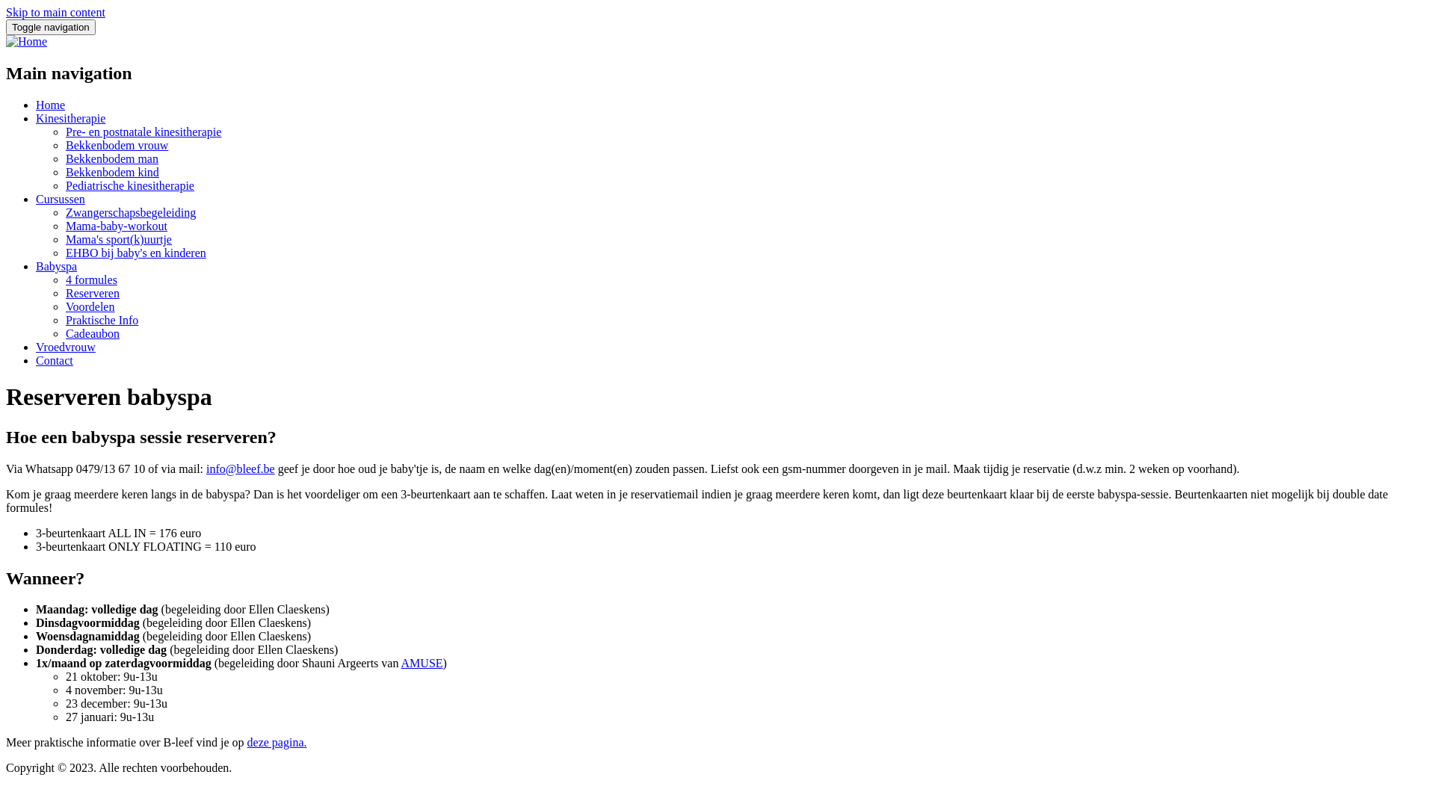 The height and width of the screenshot is (807, 1435). What do you see at coordinates (64, 347) in the screenshot?
I see `'Vroedvrouw'` at bounding box center [64, 347].